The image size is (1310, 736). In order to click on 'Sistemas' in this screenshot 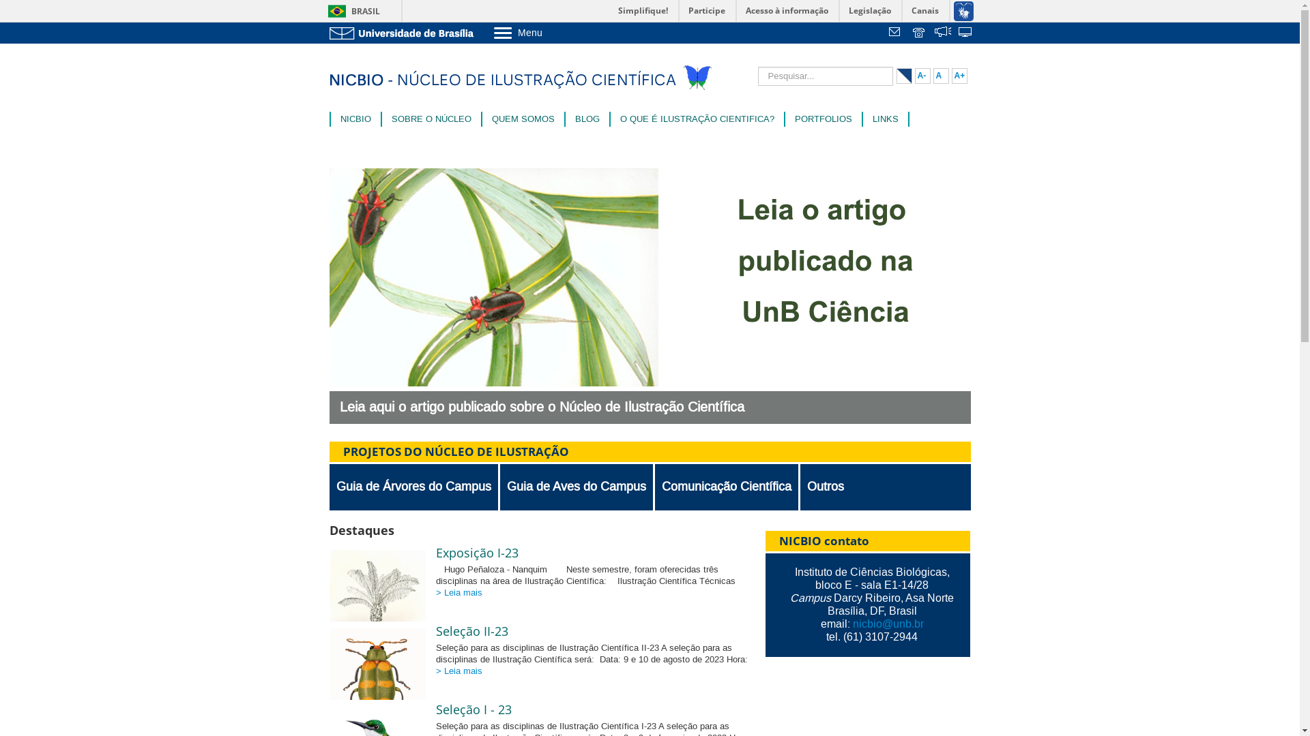, I will do `click(965, 33)`.